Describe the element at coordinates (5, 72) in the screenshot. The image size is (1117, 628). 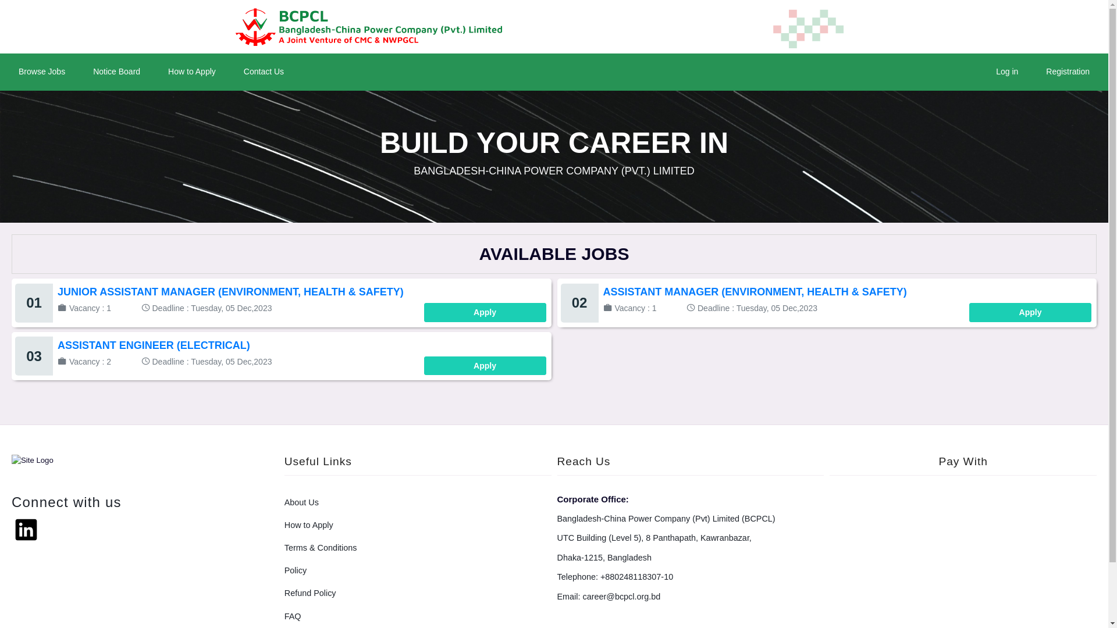
I see `'Browse Jobs'` at that location.